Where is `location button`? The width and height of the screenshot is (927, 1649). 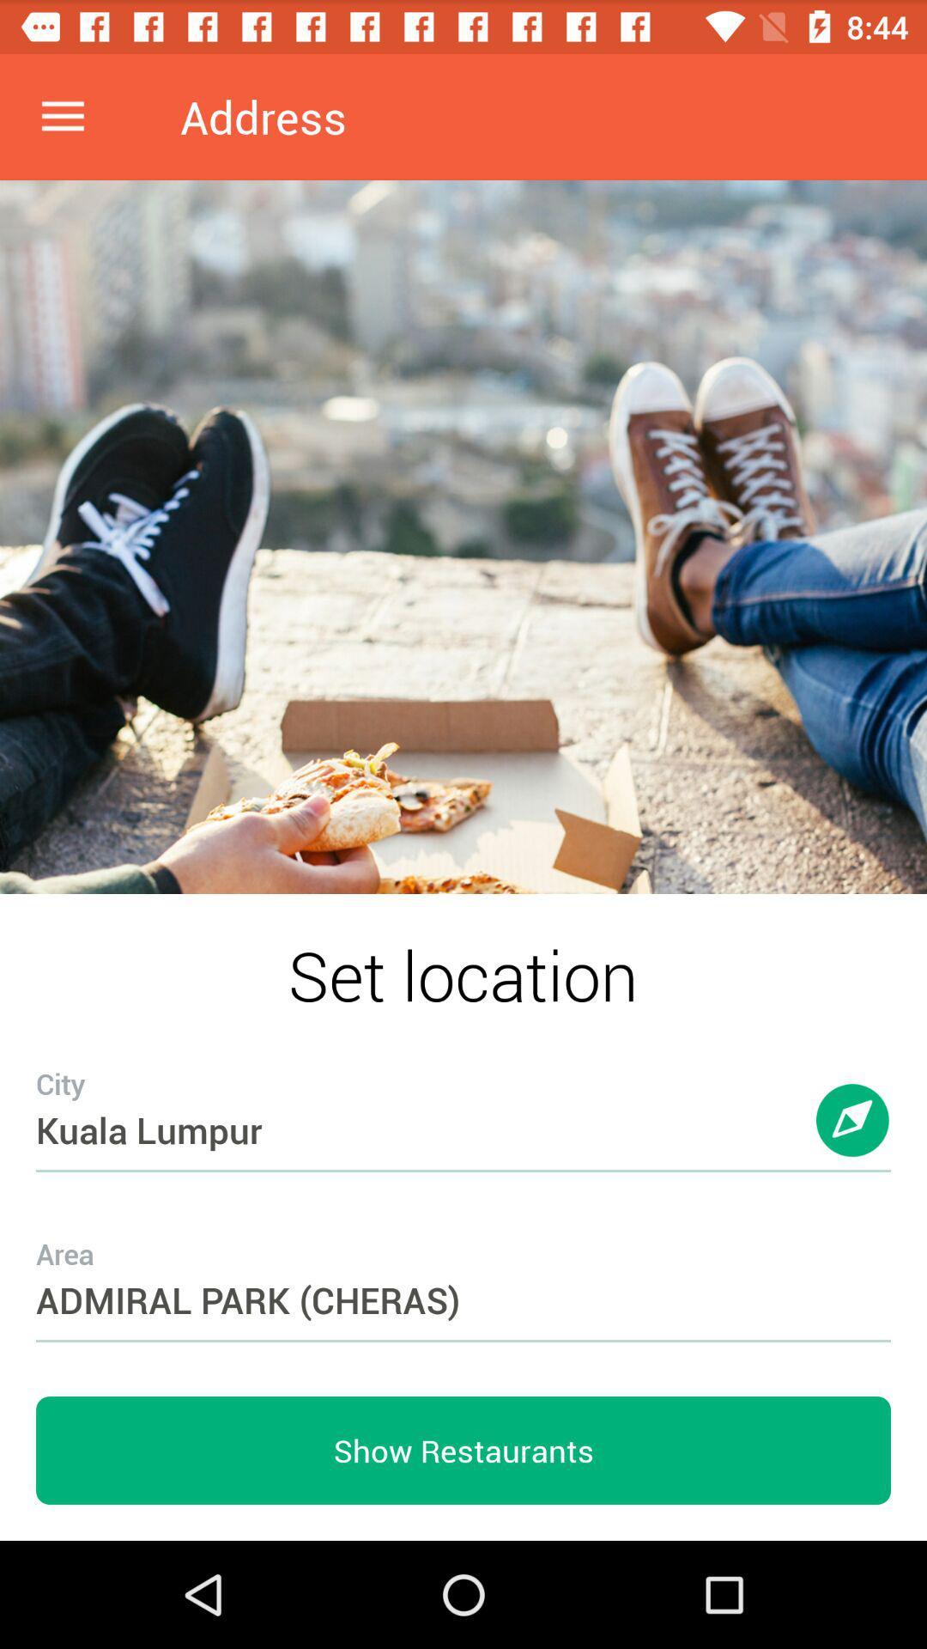
location button is located at coordinates (853, 1137).